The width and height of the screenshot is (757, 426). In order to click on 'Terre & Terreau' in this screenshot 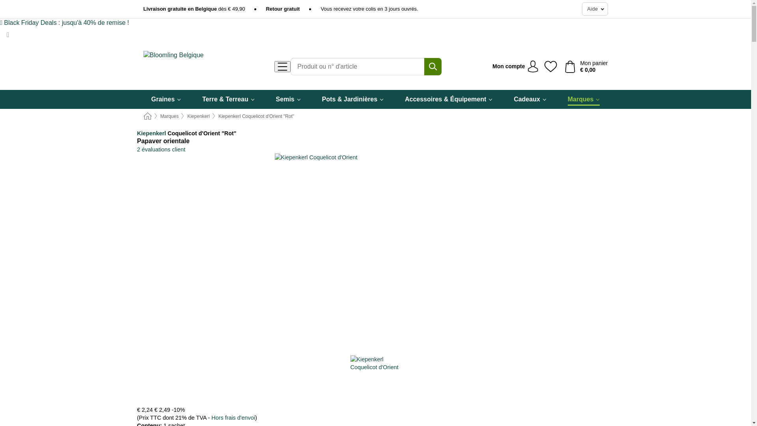, I will do `click(228, 99)`.